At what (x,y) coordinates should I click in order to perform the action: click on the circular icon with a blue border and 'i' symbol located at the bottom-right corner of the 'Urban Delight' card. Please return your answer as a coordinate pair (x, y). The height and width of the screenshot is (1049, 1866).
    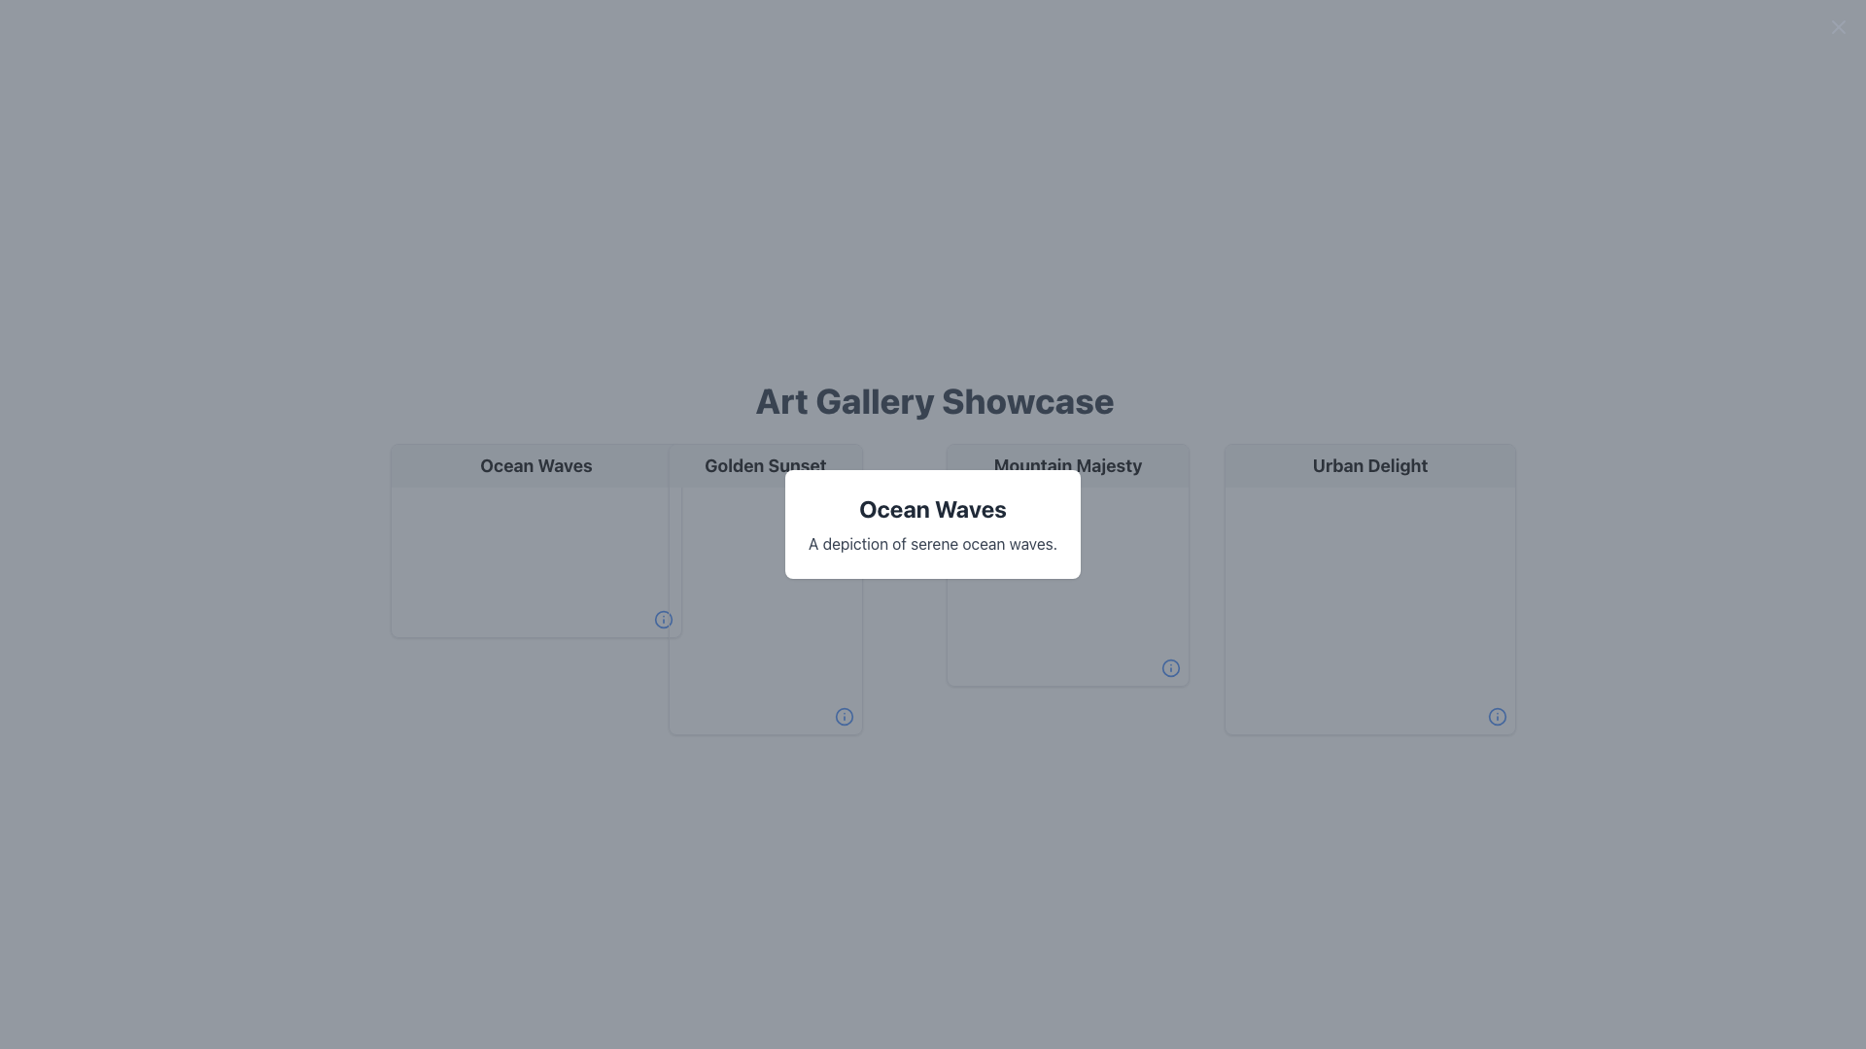
    Looking at the image, I should click on (1496, 716).